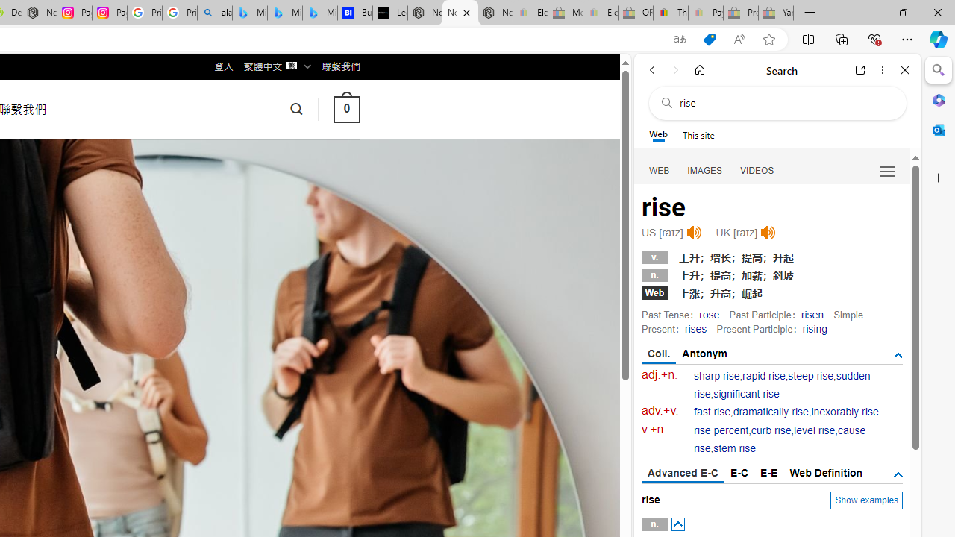 This screenshot has height=537, width=955. Describe the element at coordinates (897, 474) in the screenshot. I see `'AutomationID: tgdef'` at that location.